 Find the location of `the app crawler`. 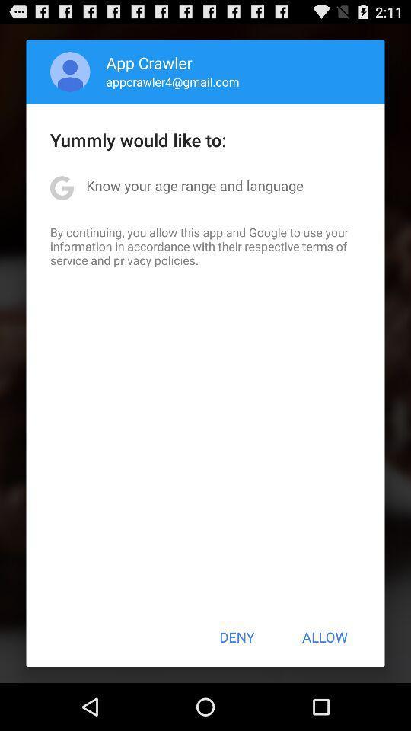

the app crawler is located at coordinates (149, 62).